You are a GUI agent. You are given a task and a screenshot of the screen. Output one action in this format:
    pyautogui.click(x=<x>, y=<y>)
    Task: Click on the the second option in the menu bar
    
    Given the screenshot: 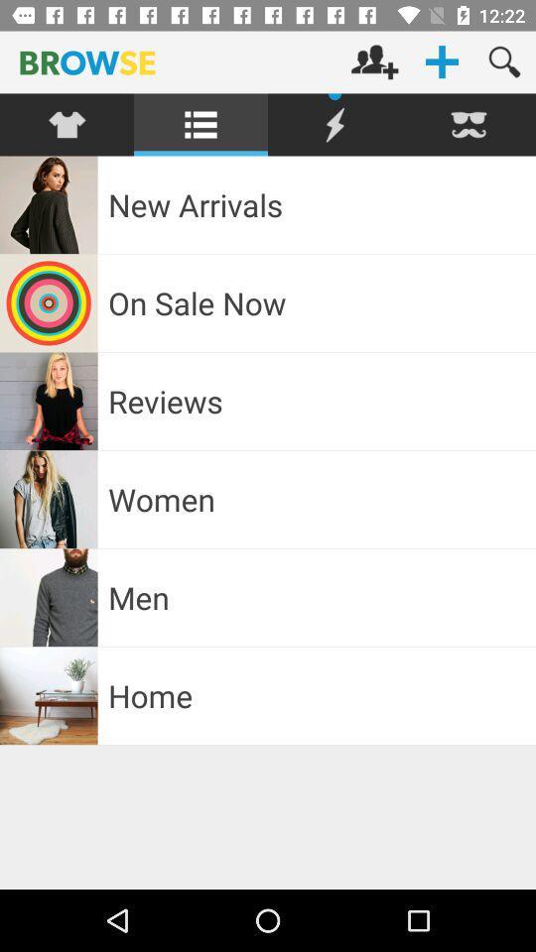 What is the action you would take?
    pyautogui.click(x=201, y=124)
    